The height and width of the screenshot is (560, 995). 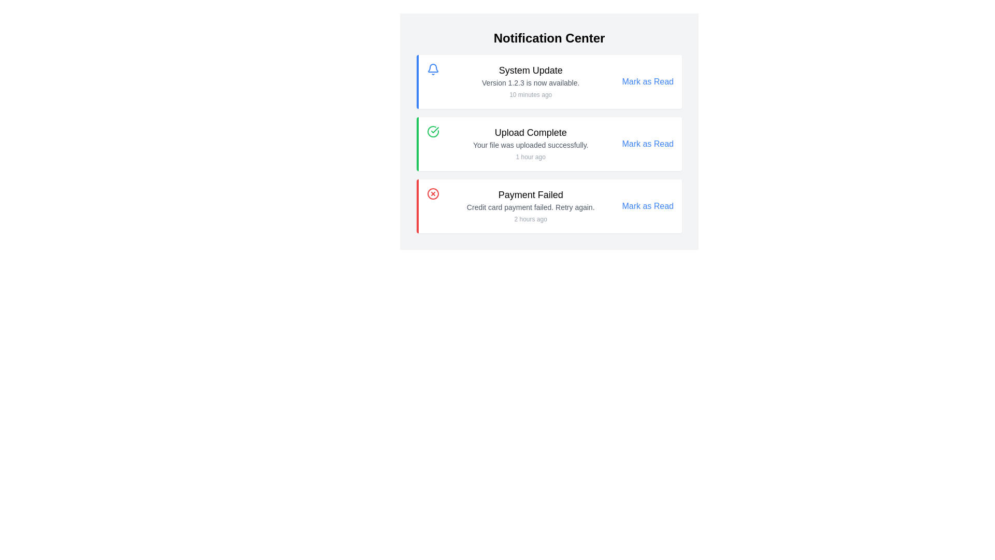 I want to click on the blue bell icon located in the top-left corner of the 'System Update' notification card, which serves as a notification indicator, so click(x=433, y=69).